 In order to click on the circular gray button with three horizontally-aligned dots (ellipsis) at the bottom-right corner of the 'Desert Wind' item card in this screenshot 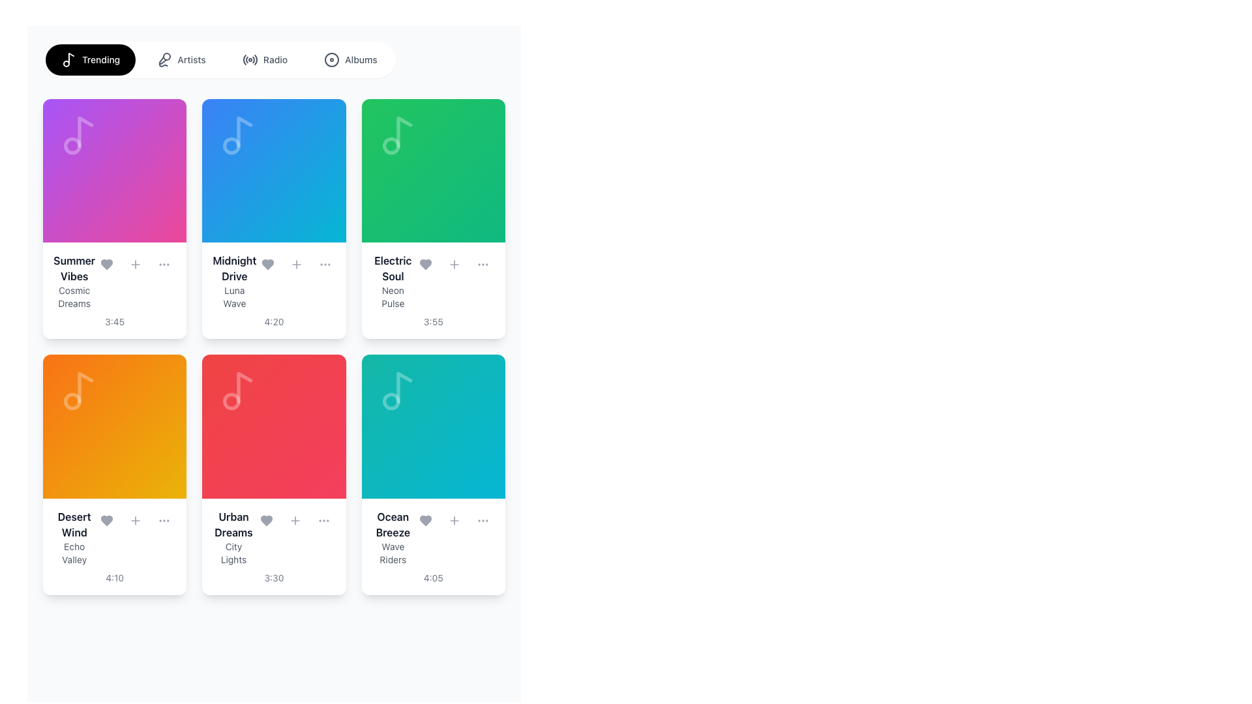, I will do `click(164, 520)`.